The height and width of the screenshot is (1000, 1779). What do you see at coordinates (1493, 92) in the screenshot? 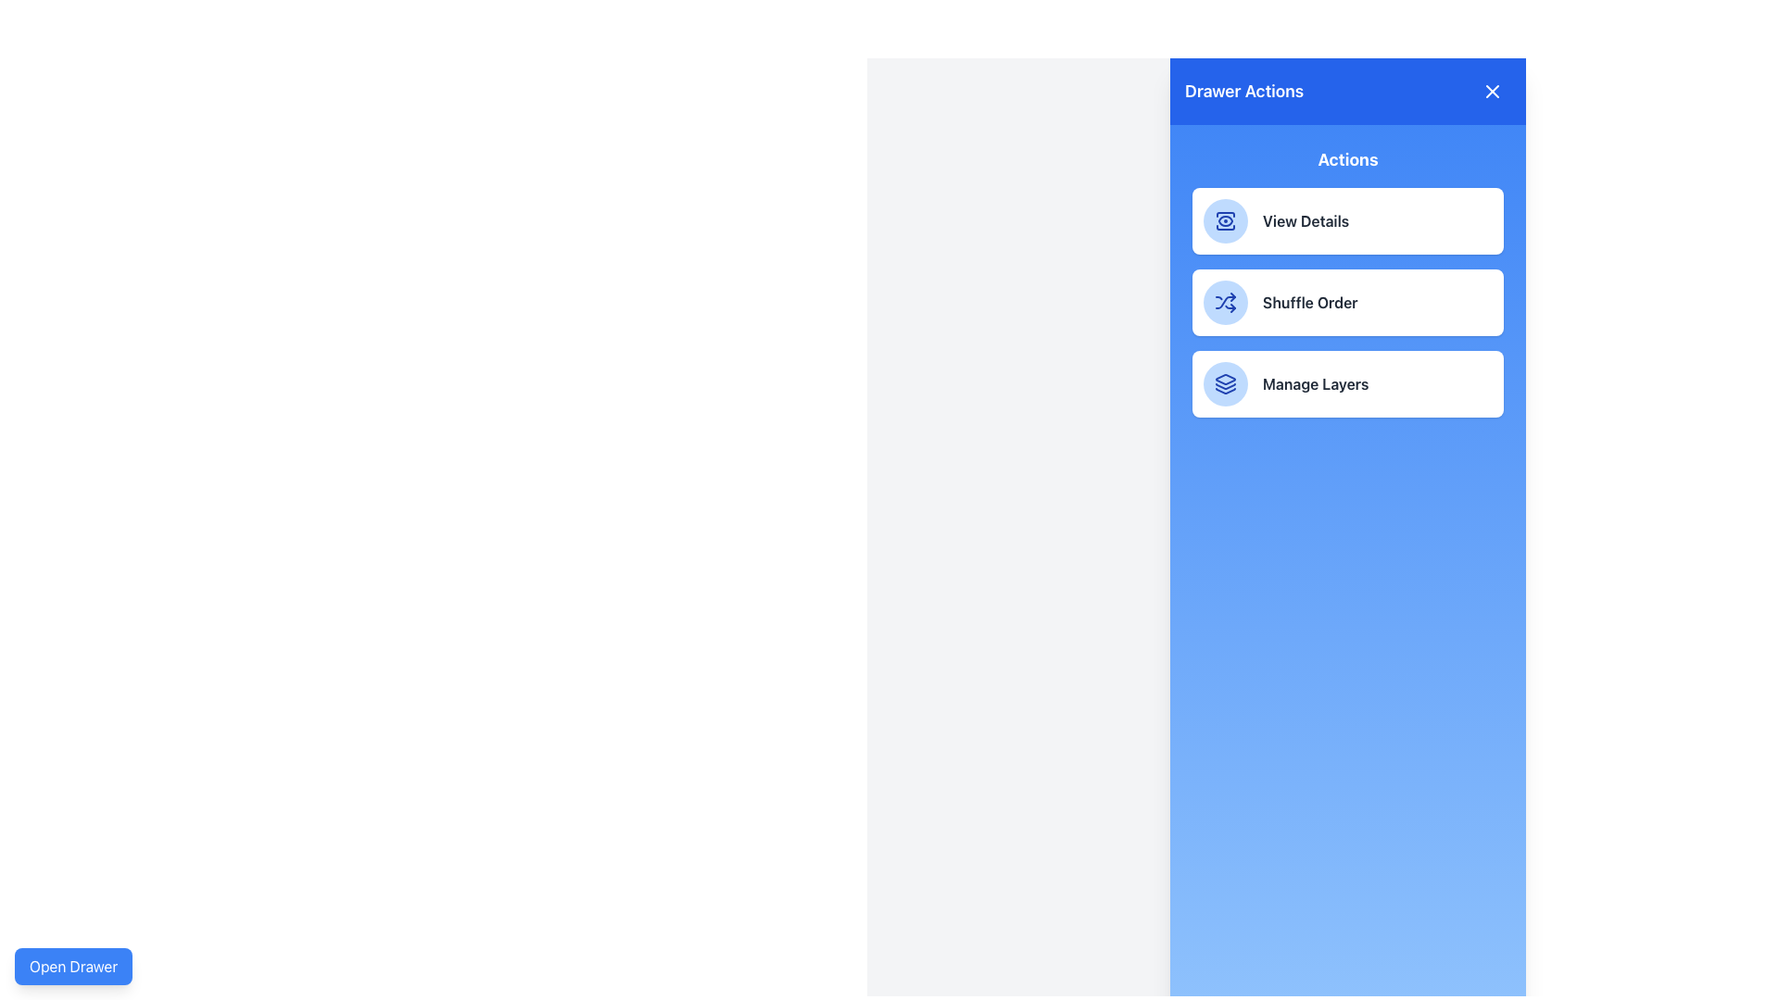
I see `the 'X' icon in the top right corner of the 'Drawer Actions' header bar` at bounding box center [1493, 92].